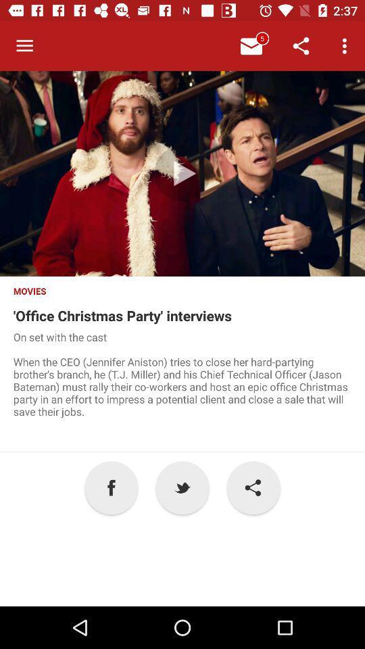 This screenshot has width=365, height=649. Describe the element at coordinates (182, 487) in the screenshot. I see `p` at that location.